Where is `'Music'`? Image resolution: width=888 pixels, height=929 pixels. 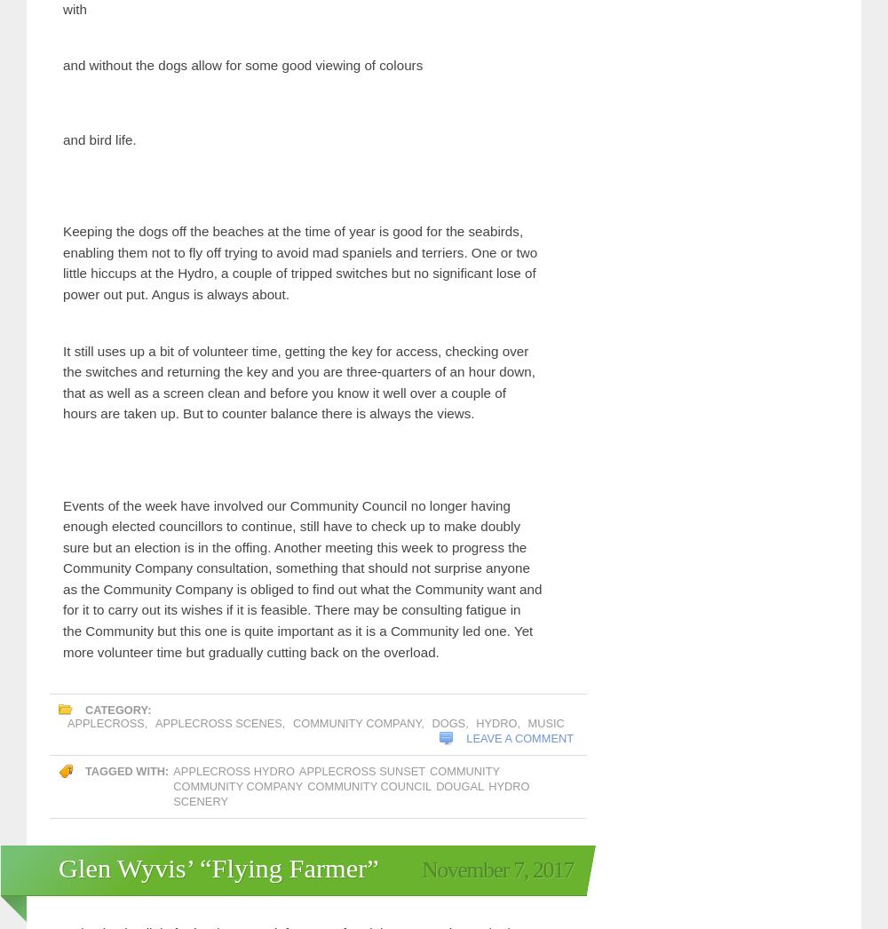 'Music' is located at coordinates (232, 665).